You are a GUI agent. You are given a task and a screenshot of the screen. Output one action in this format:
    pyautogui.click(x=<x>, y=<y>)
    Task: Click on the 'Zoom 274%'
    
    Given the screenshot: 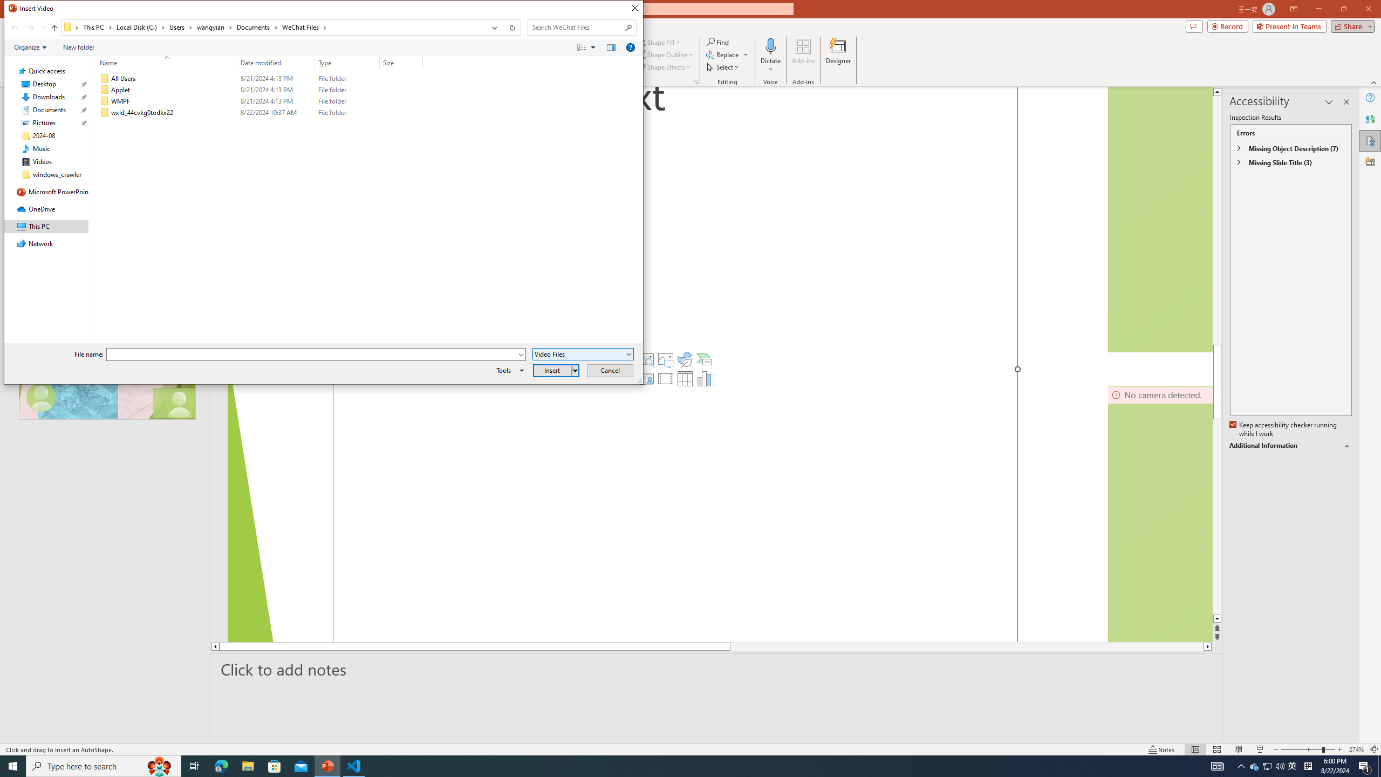 What is the action you would take?
    pyautogui.click(x=1357, y=749)
    